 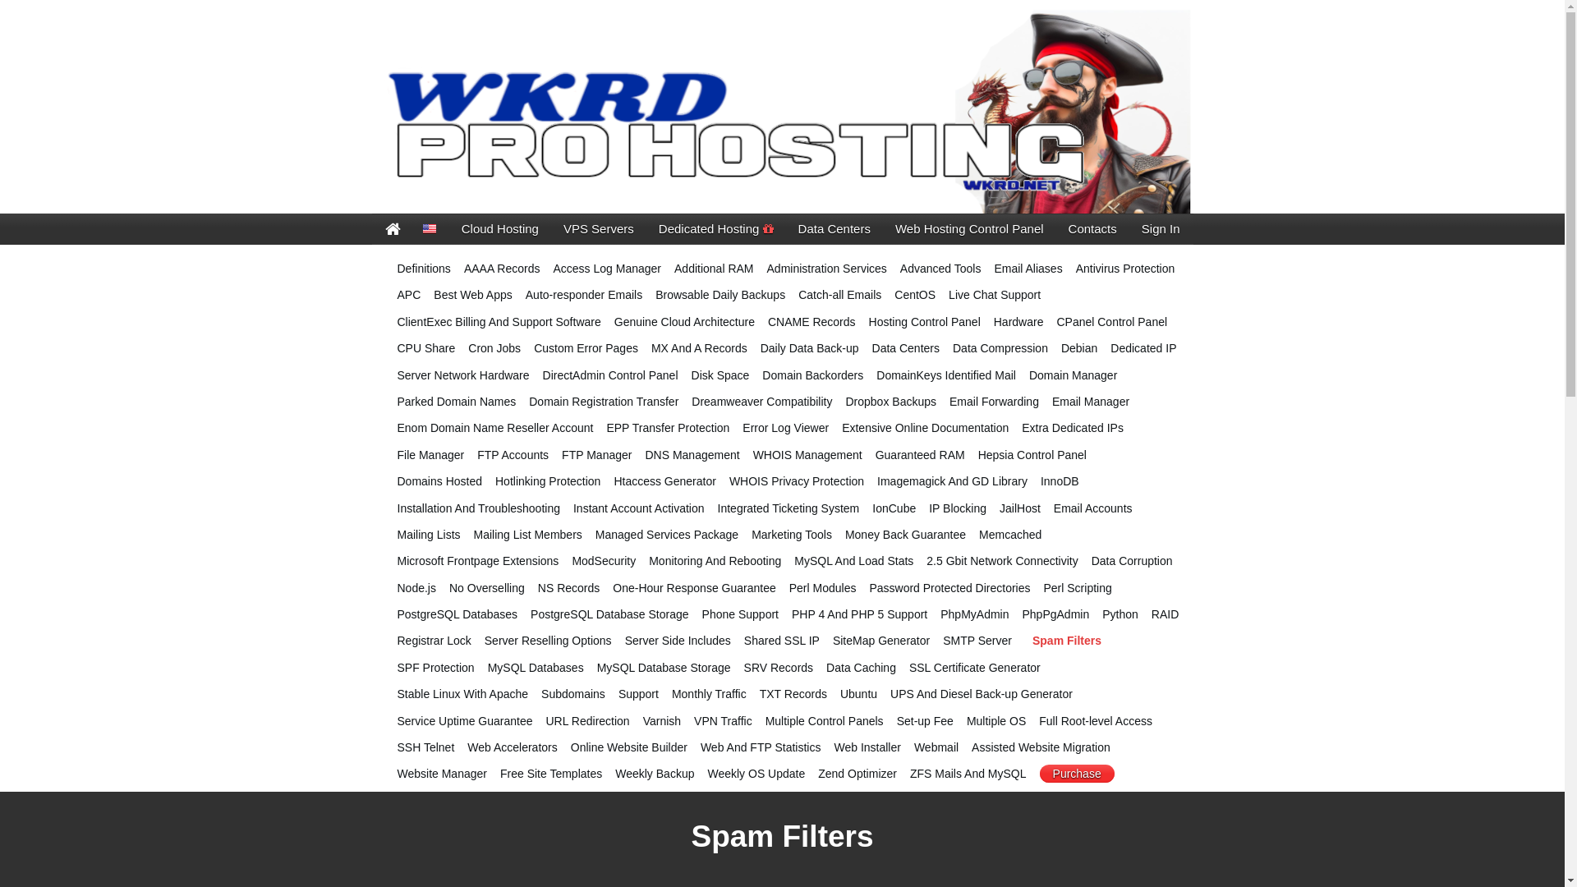 What do you see at coordinates (568, 587) in the screenshot?
I see `'NS Records'` at bounding box center [568, 587].